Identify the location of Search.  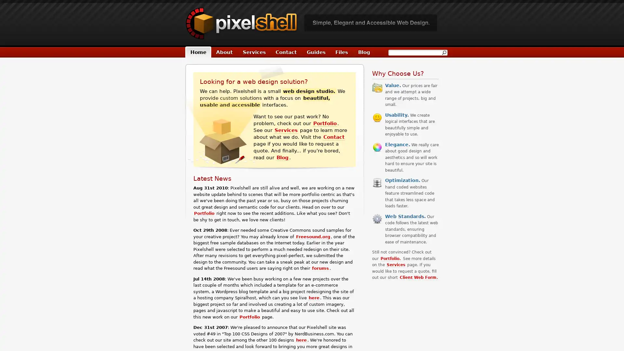
(444, 52).